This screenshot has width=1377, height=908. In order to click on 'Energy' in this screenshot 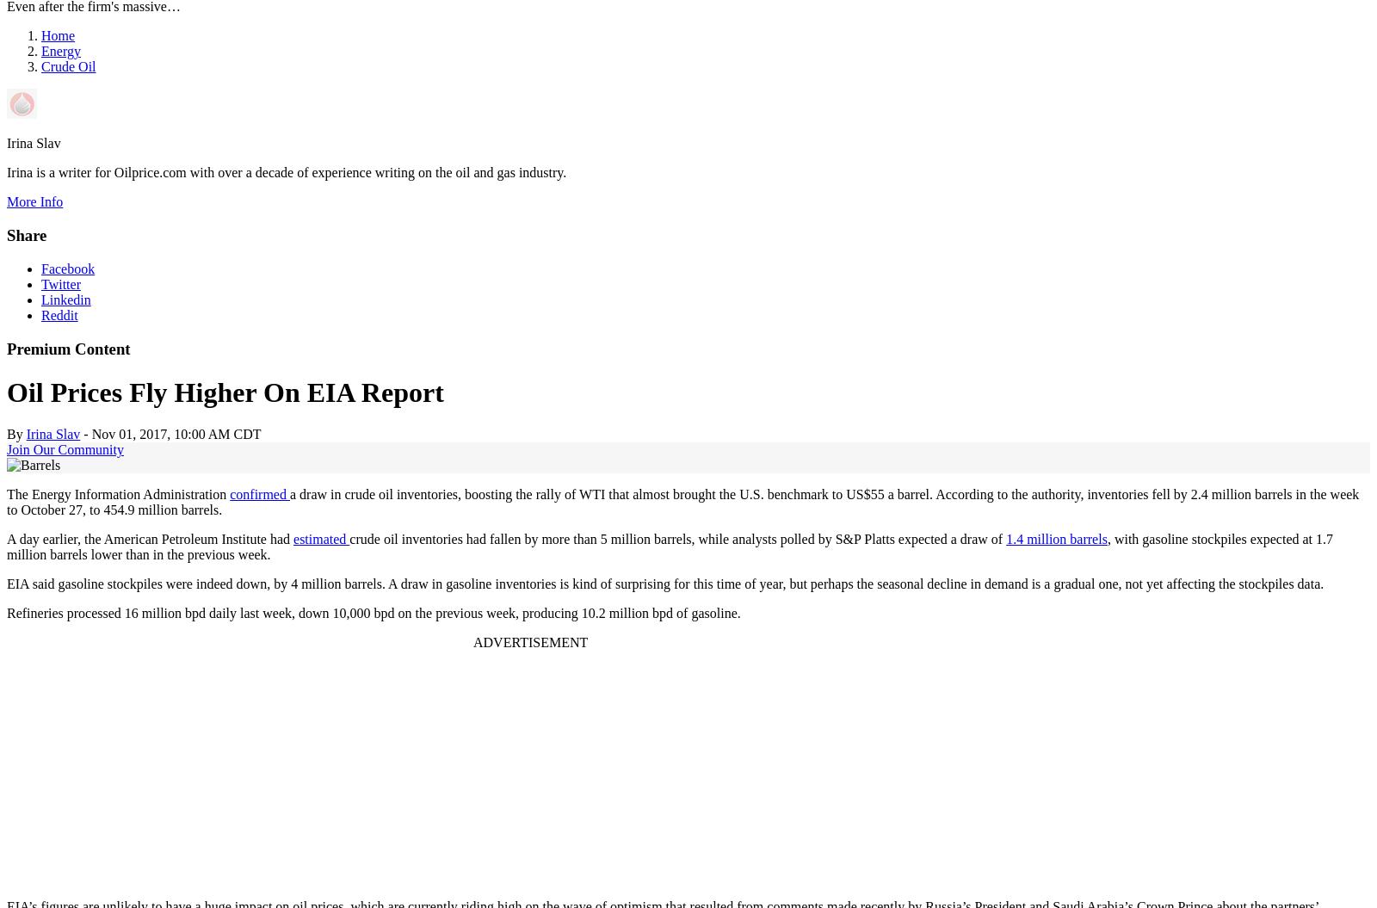, I will do `click(59, 51)`.